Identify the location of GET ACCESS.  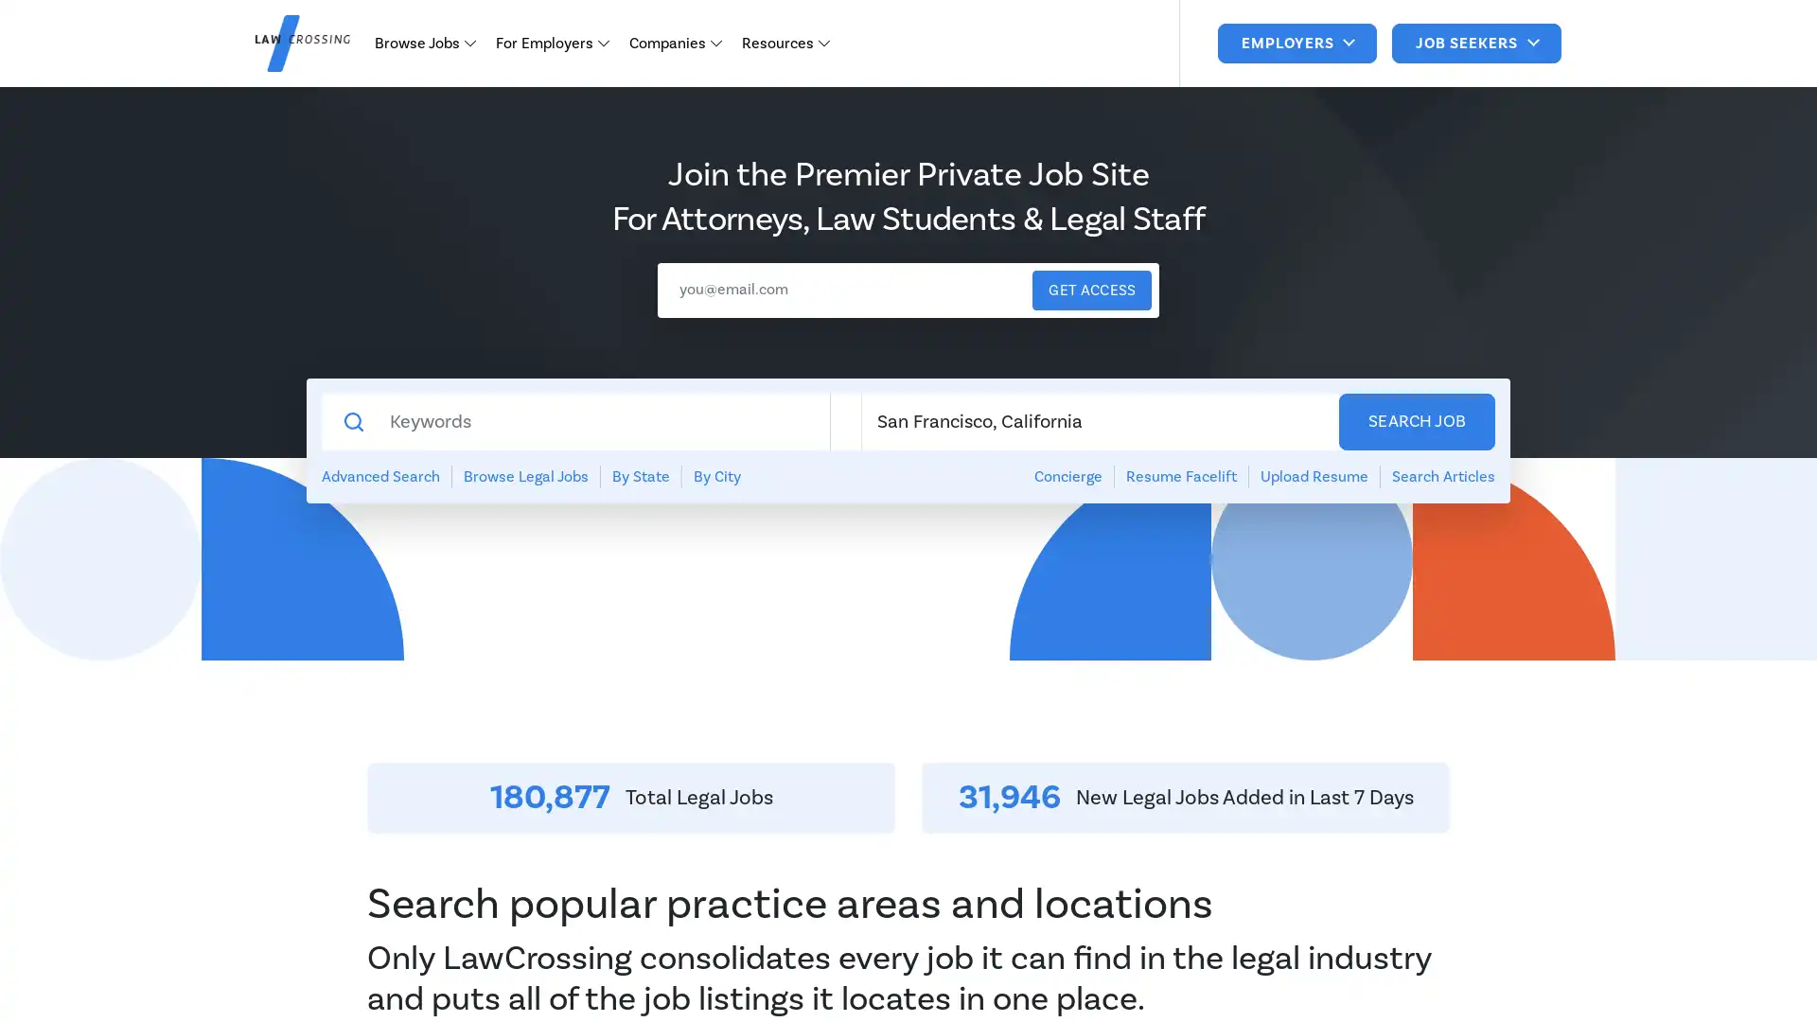
(1091, 291).